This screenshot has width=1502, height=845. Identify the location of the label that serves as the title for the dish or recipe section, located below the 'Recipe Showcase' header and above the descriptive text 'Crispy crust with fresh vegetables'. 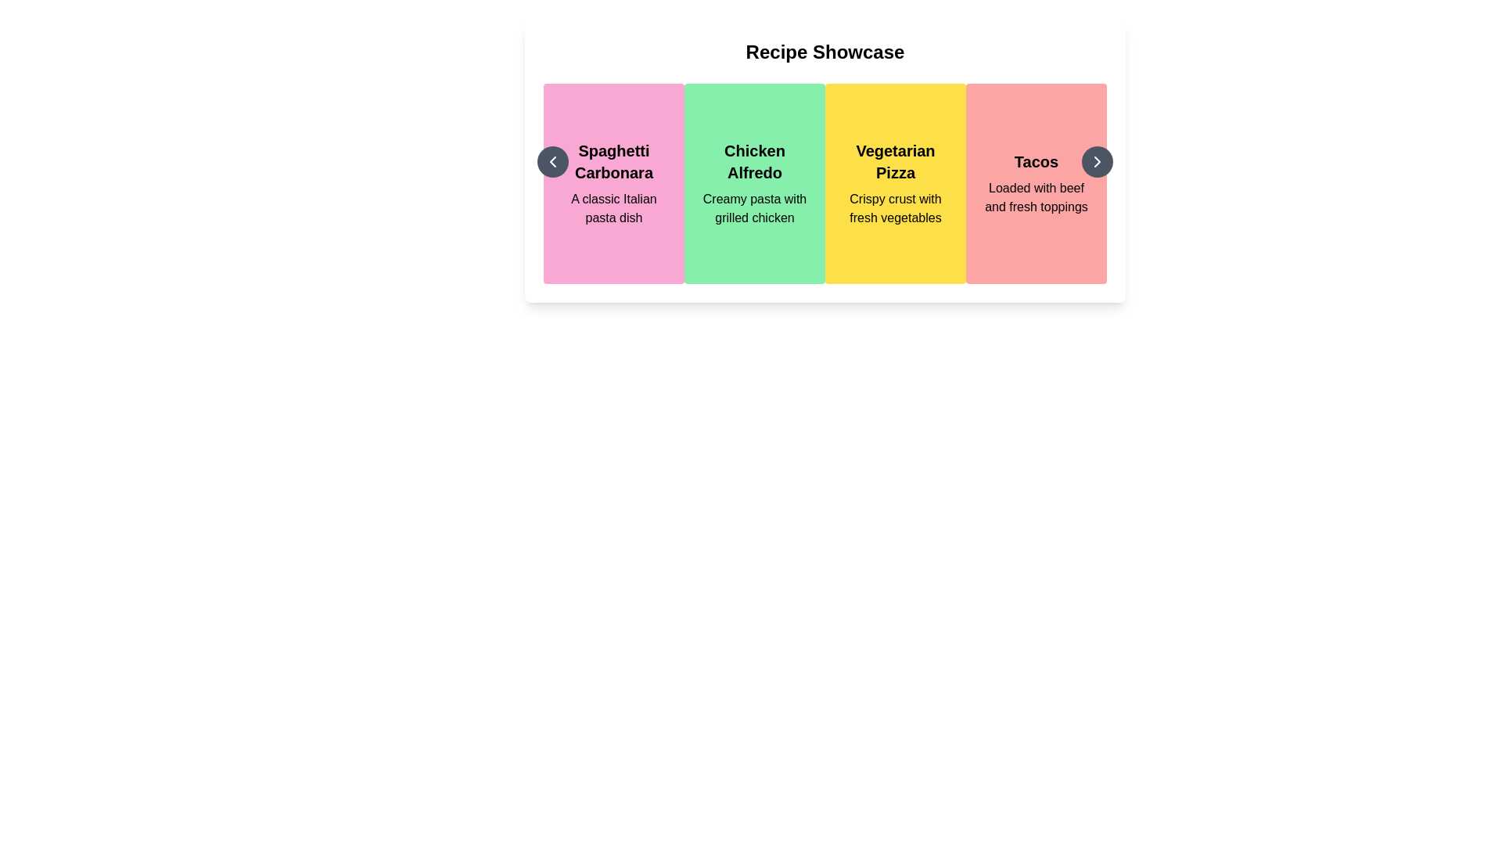
(896, 162).